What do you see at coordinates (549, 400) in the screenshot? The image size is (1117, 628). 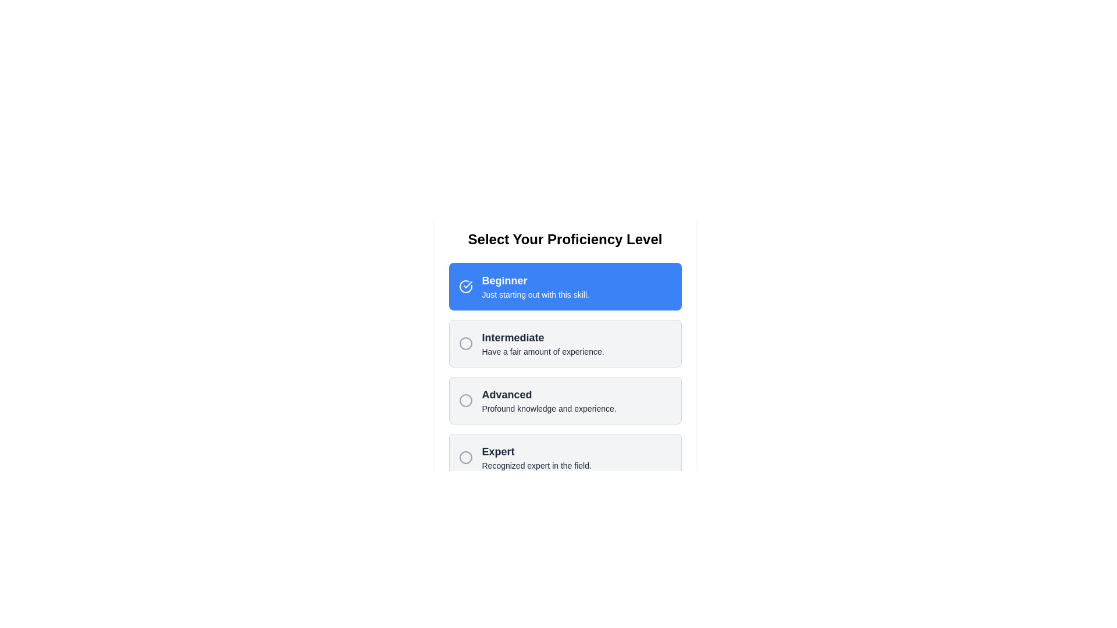 I see `the 'Advanced' proficiency level label, which is located centrally in the proficiency level list, positioned between 'Intermediate' and 'Expert'` at bounding box center [549, 400].